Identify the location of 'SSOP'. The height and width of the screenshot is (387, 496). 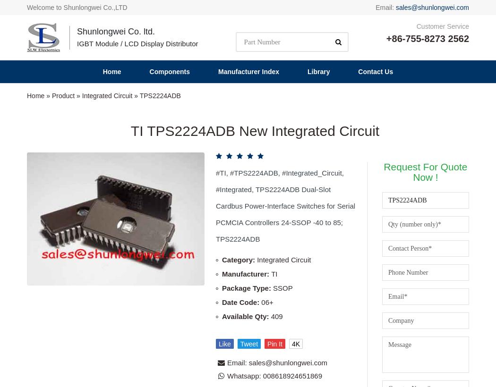
(282, 85).